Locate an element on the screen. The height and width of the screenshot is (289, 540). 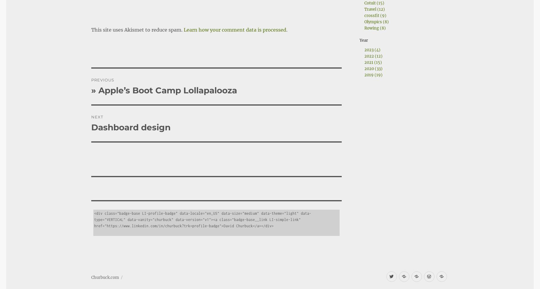
'» Apple’s Boot Camp Lollapalooza' is located at coordinates (163, 73).